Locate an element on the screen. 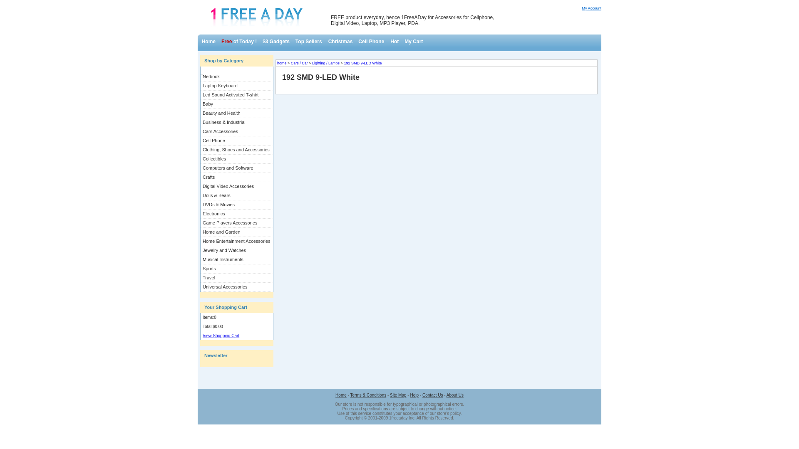  'Home Entertainment Accessories' is located at coordinates (237, 241).